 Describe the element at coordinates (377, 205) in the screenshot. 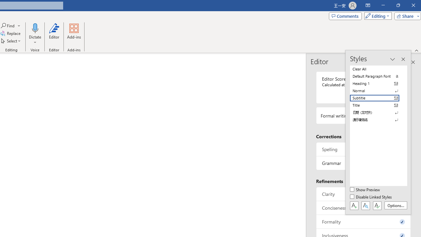

I see `'Class: NetUIButton'` at that location.